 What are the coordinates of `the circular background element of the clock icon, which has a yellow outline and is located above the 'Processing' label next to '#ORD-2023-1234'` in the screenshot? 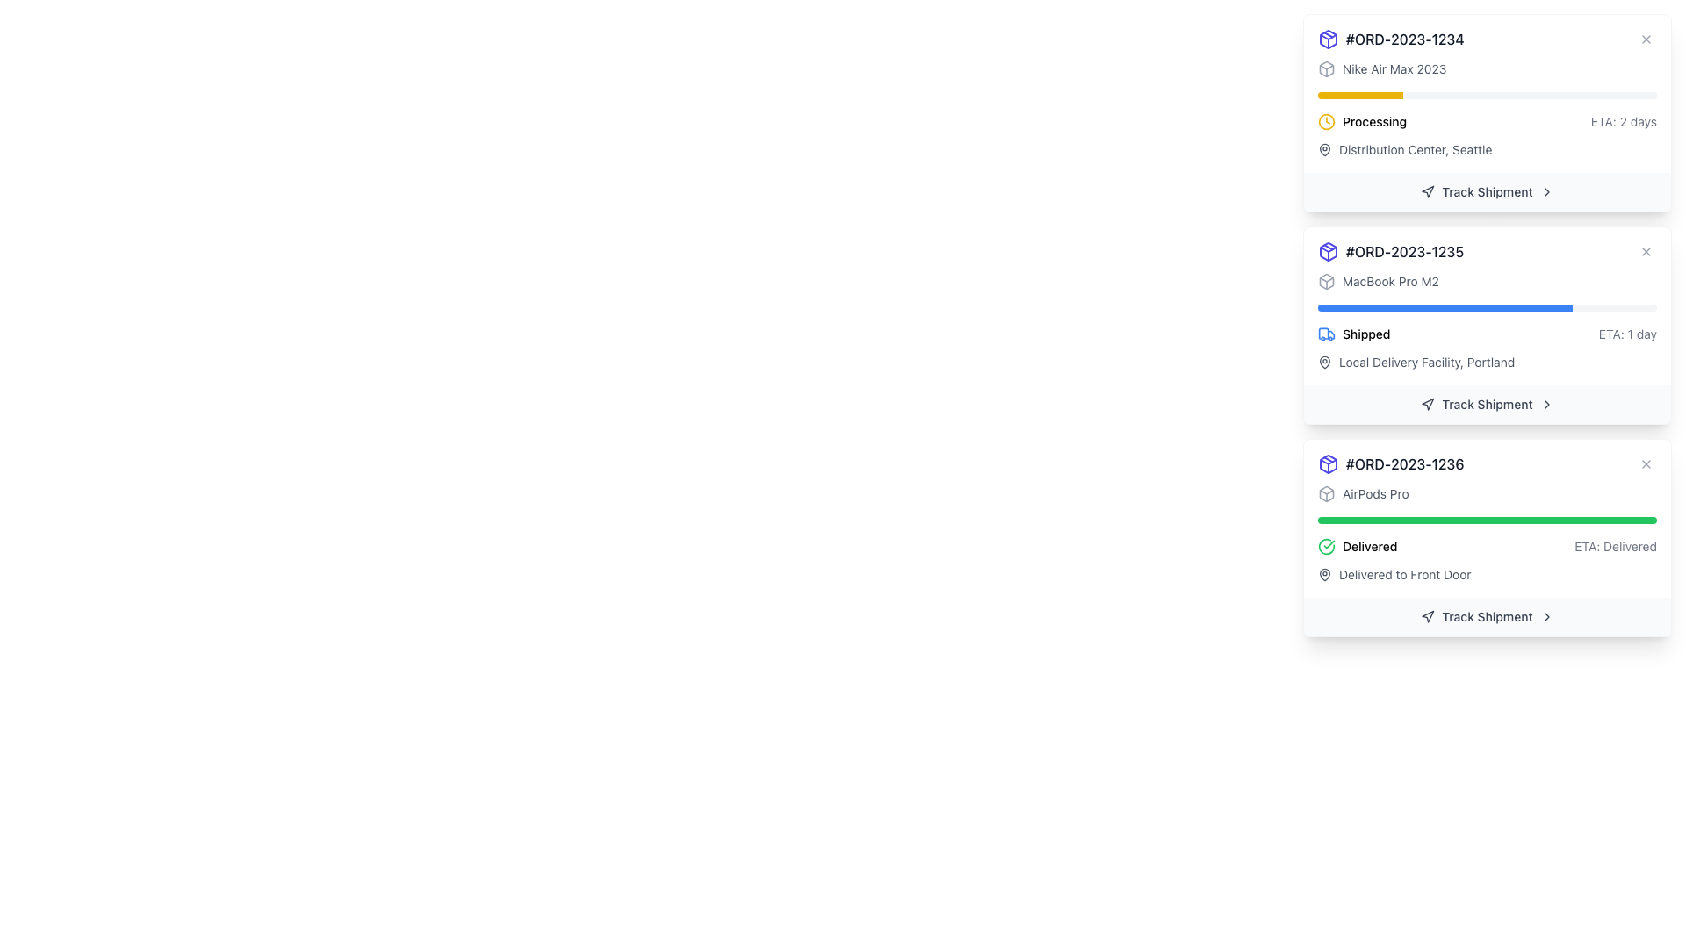 It's located at (1327, 120).